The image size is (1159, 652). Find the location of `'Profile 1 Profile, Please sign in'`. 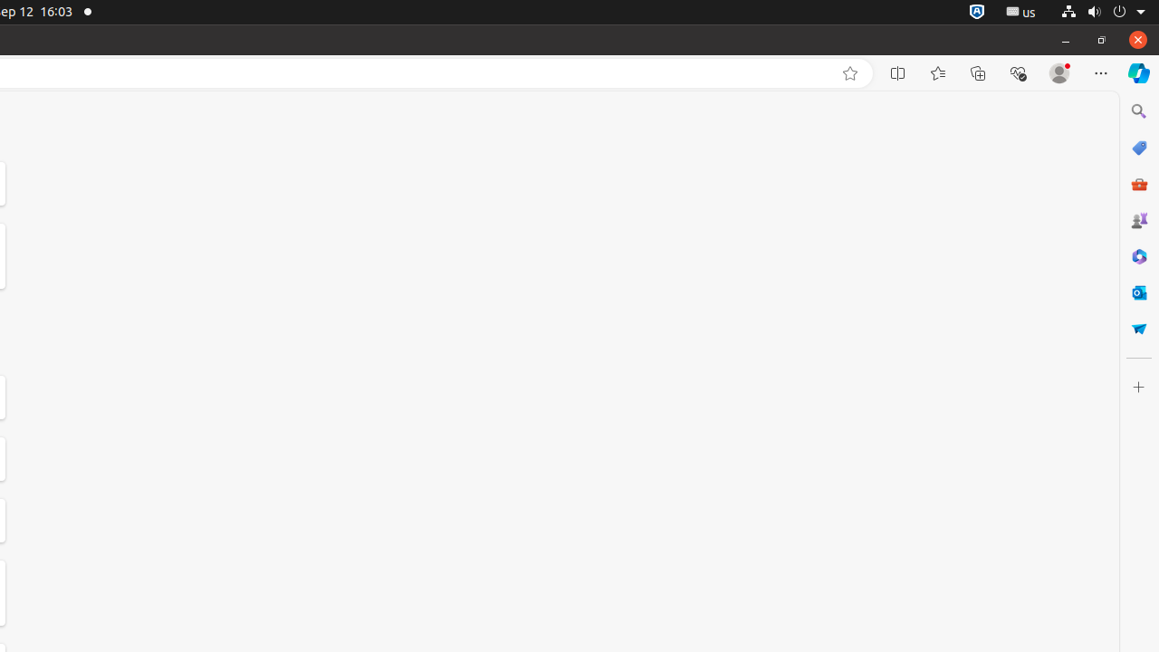

'Profile 1 Profile, Please sign in' is located at coordinates (1059, 72).